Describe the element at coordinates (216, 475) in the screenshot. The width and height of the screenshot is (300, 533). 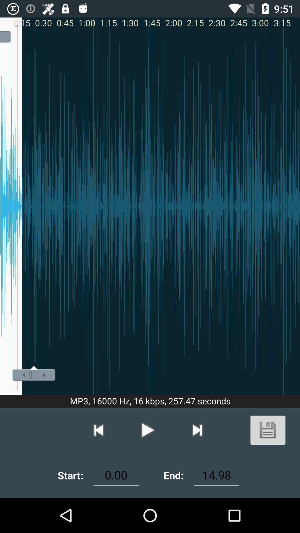
I see `the text field which is next to the end` at that location.